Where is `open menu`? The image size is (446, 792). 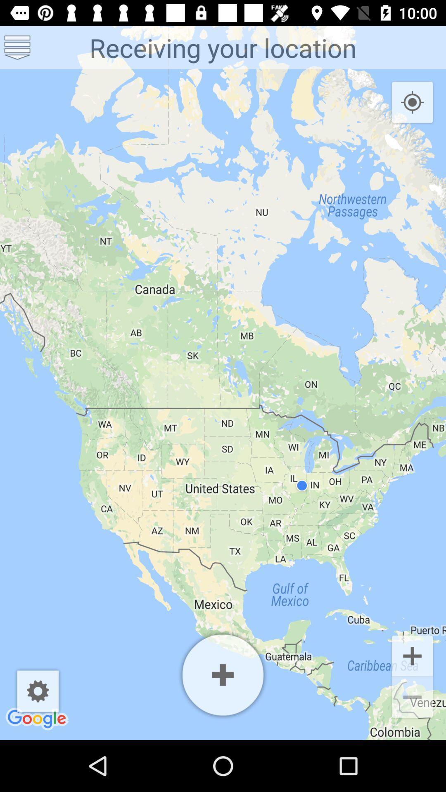
open menu is located at coordinates (17, 47).